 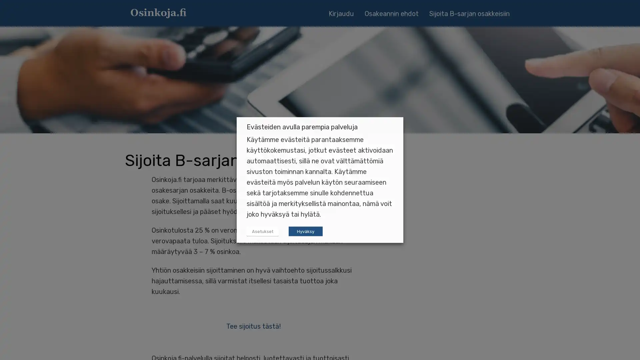 What do you see at coordinates (305, 231) in the screenshot?
I see `Hyvaksy` at bounding box center [305, 231].